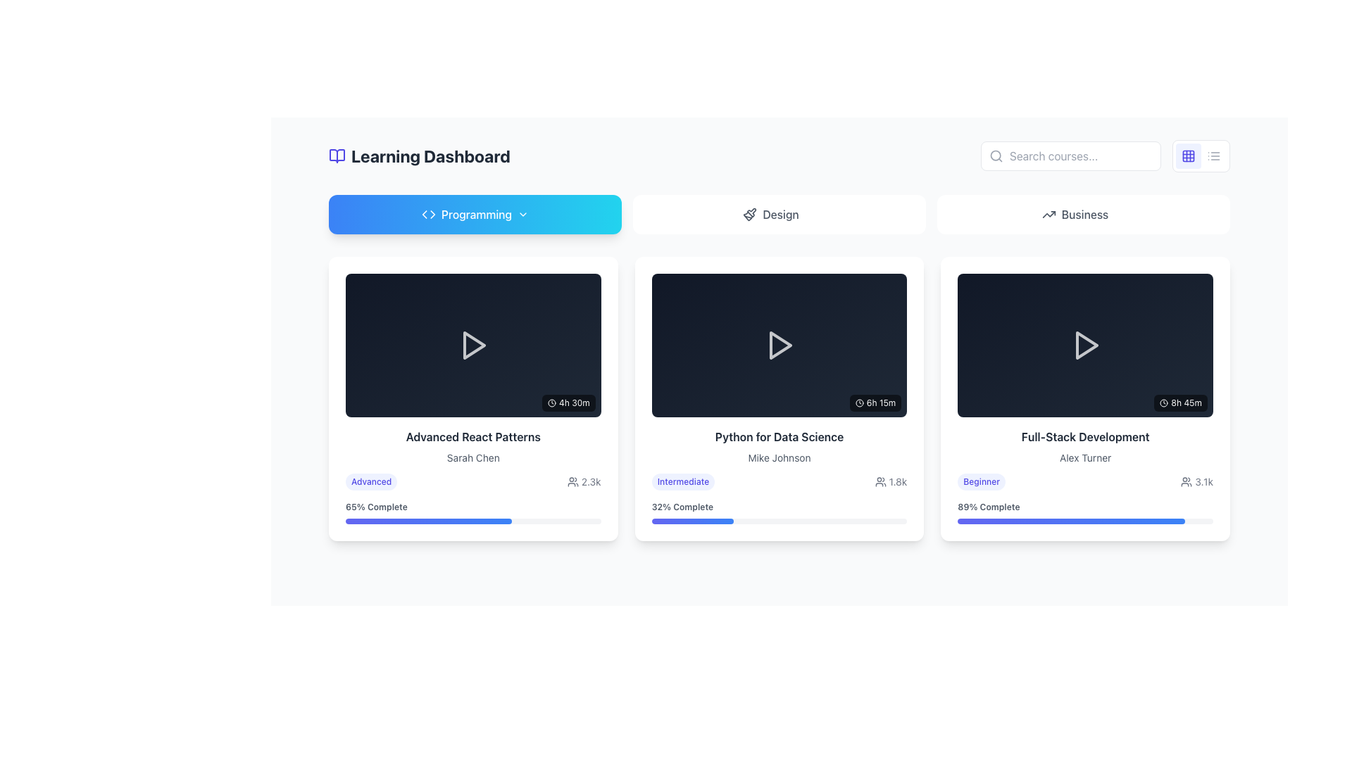 The height and width of the screenshot is (760, 1352). I want to click on the navigation buttons in the button group located beneath the 'Learning Dashboard' header, so click(779, 214).